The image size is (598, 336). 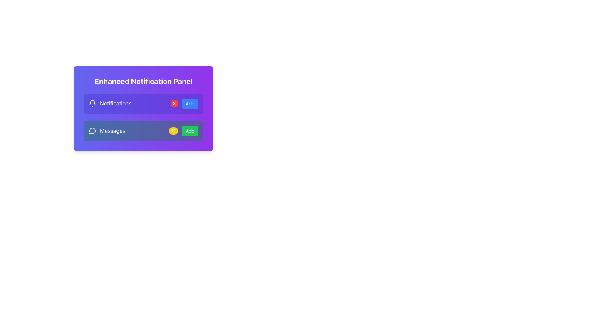 What do you see at coordinates (92, 103) in the screenshot?
I see `the bell icon representing the 'Notifications' feature, located at the top left corner of the 'Notifications' section` at bounding box center [92, 103].